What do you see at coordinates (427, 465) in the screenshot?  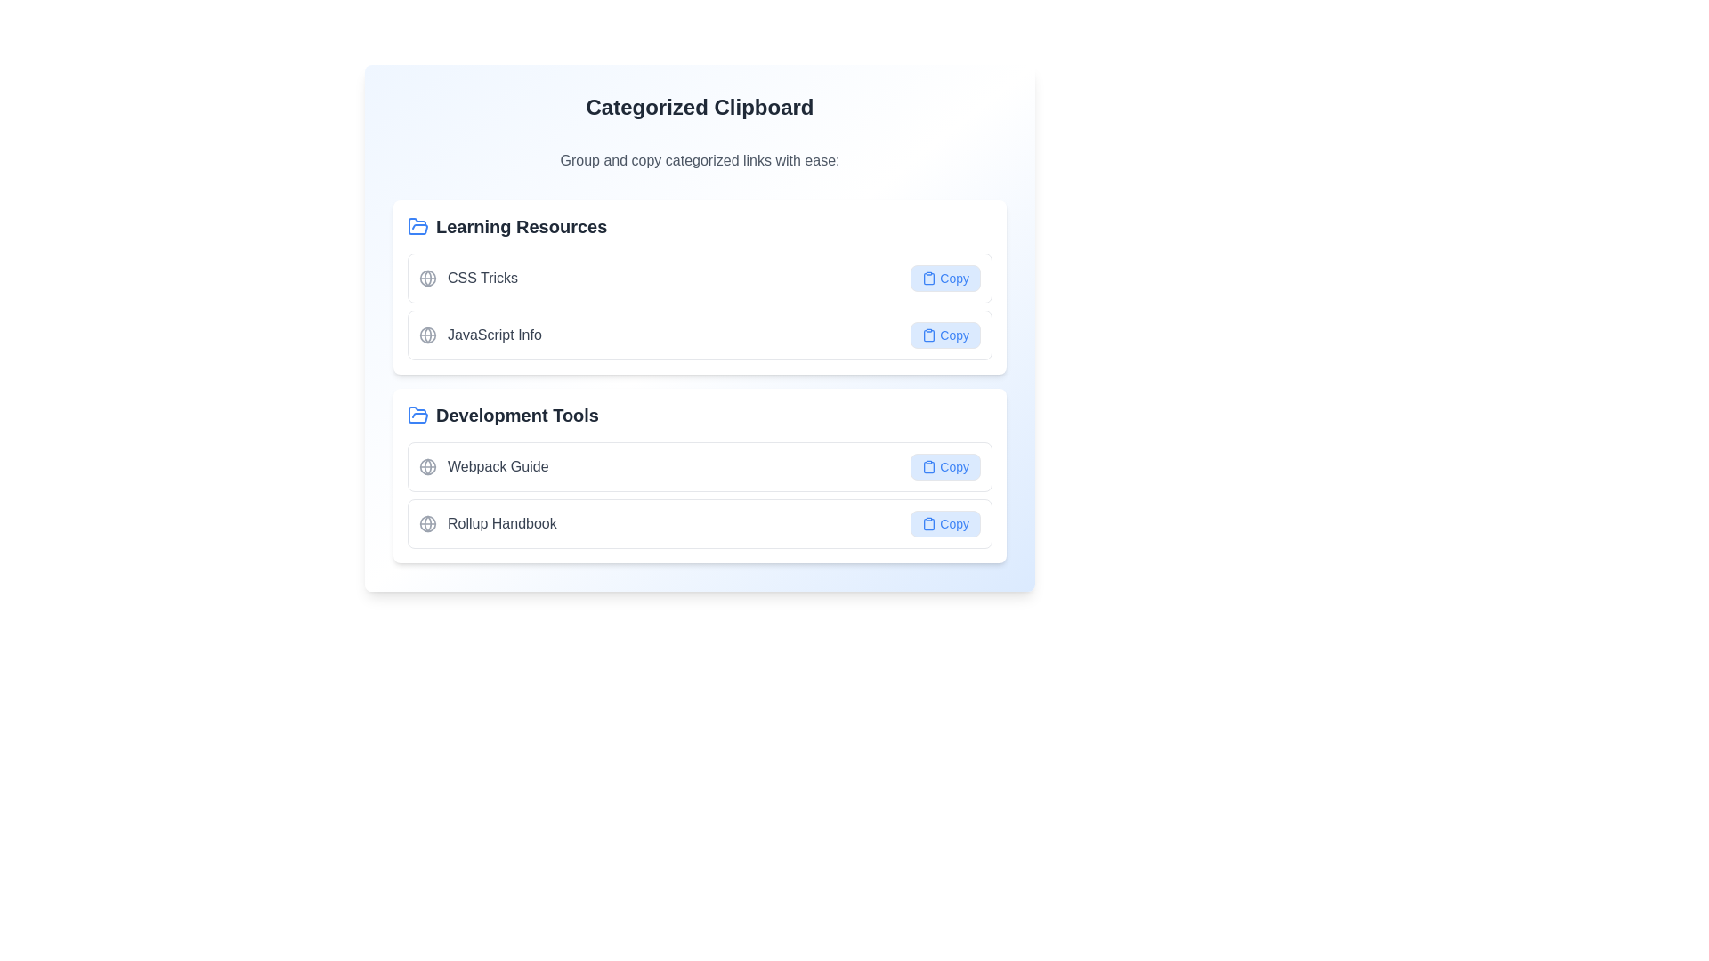 I see `the central circle of the globe icon, which is a gray SVG graphic located to the left of the text 'Webpack Guide' under the 'Development Tools' section` at bounding box center [427, 465].